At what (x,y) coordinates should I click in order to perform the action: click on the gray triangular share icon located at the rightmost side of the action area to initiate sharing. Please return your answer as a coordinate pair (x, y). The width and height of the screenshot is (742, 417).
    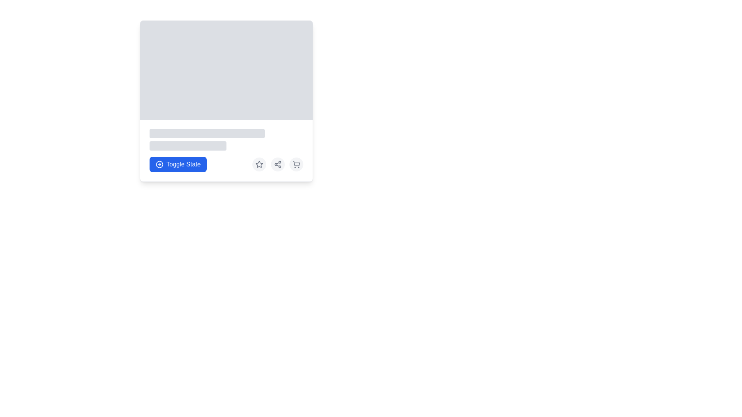
    Looking at the image, I should click on (277, 164).